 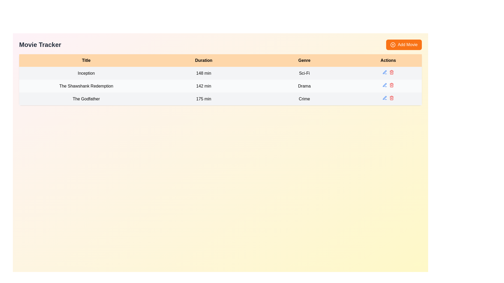 What do you see at coordinates (304, 73) in the screenshot?
I see `text from the 'Sci-Fi' label located in the third column of the first row under the 'Genre' header in the table corresponding to the movie 'Inception'` at bounding box center [304, 73].